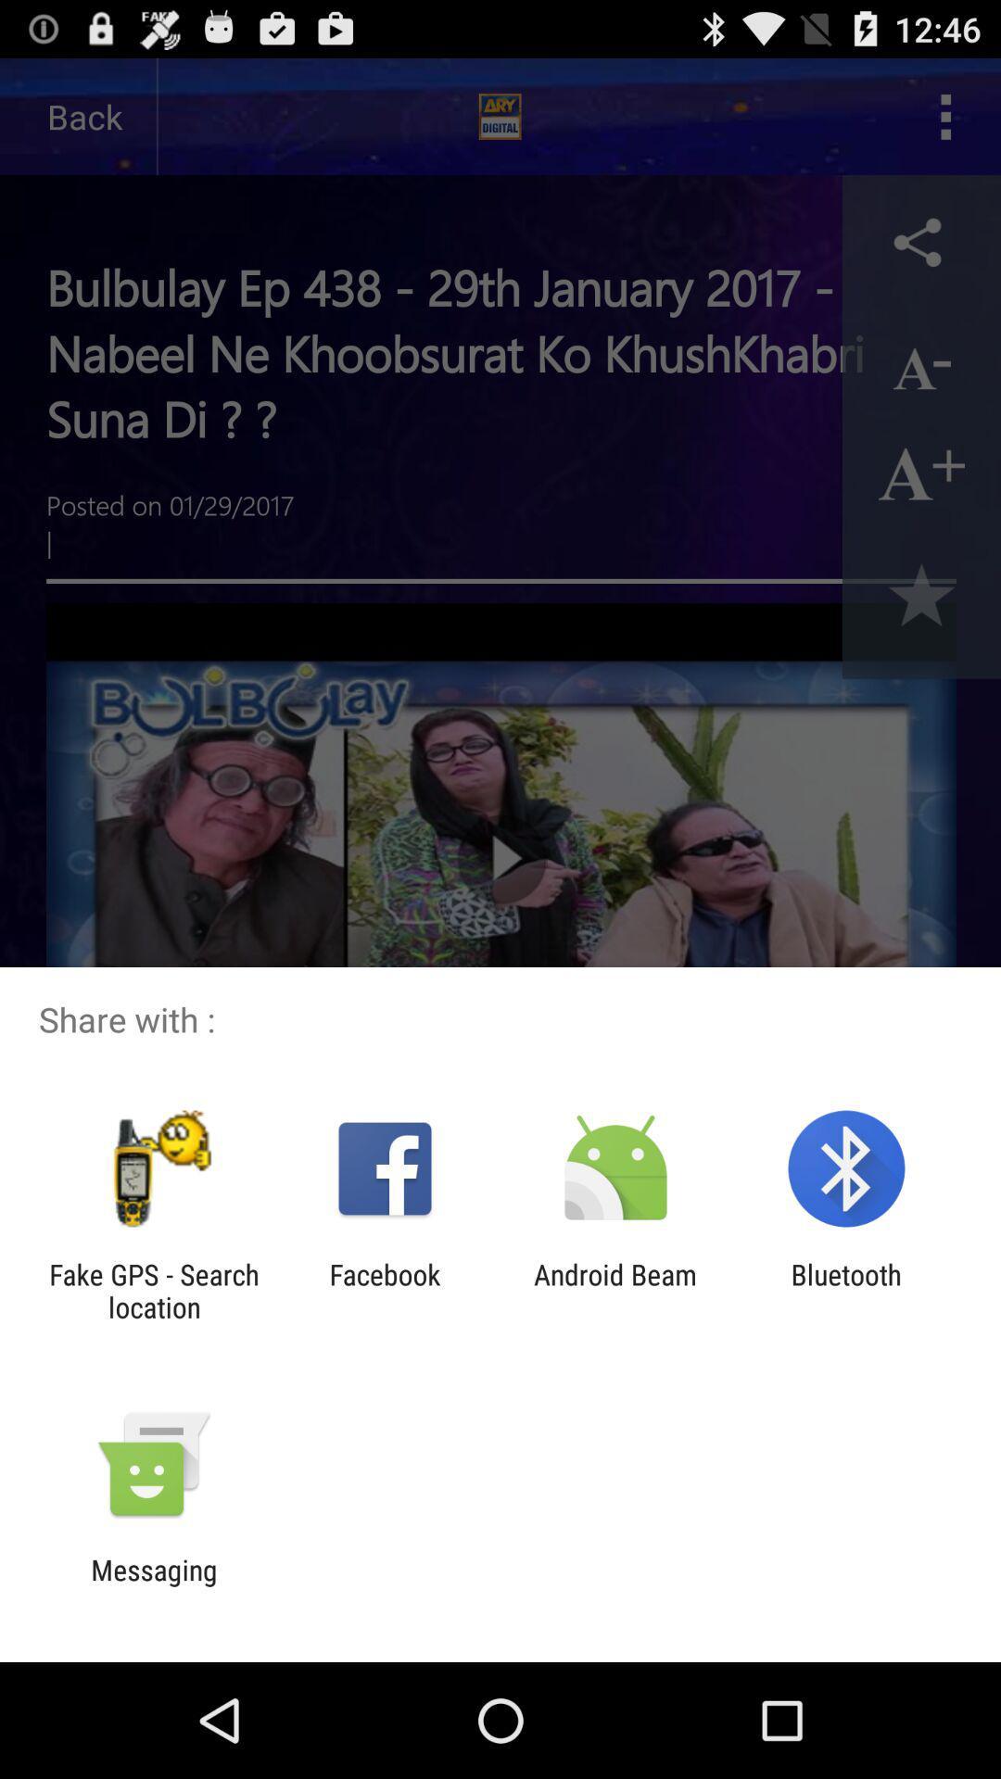  I want to click on the fake gps search icon, so click(153, 1290).